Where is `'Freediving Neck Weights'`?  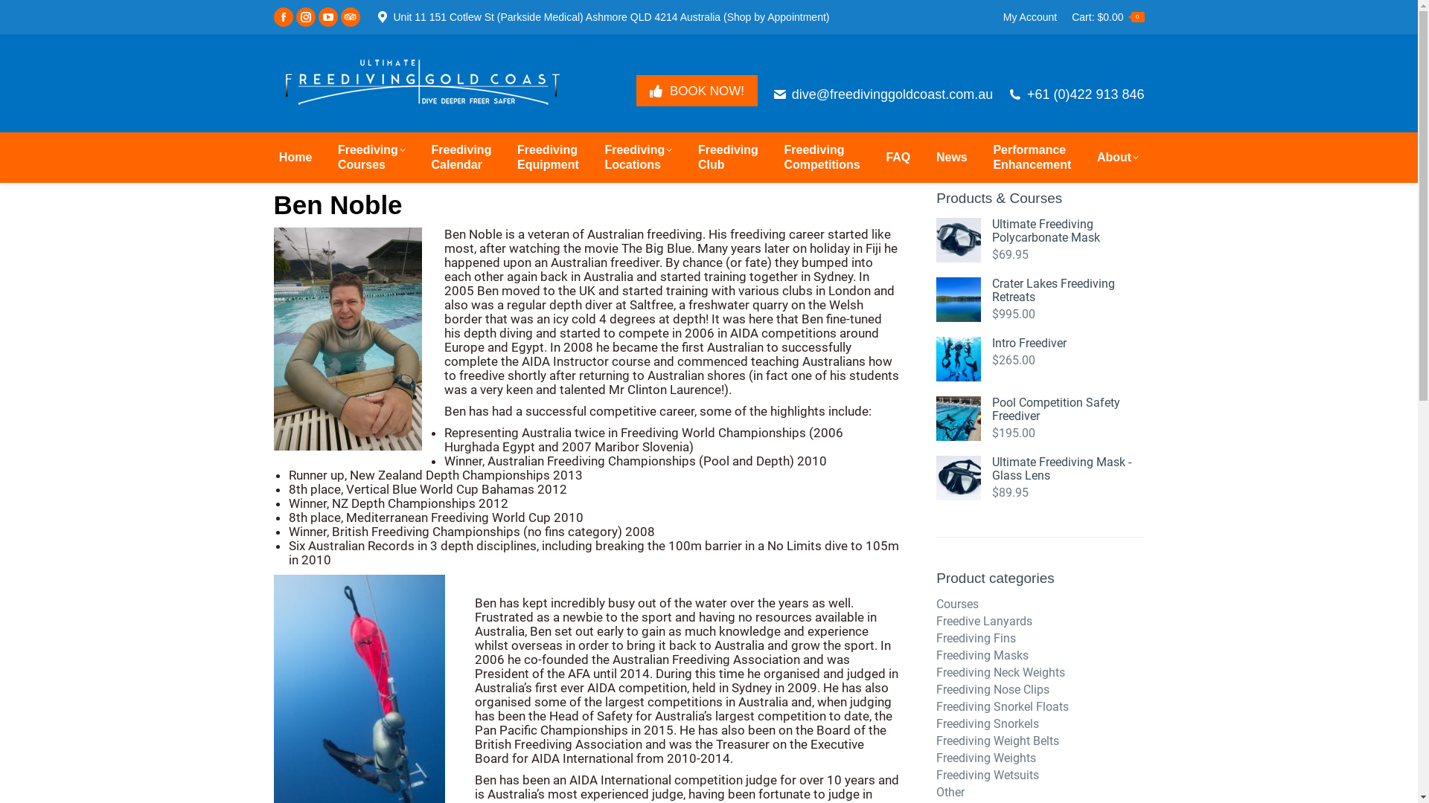 'Freediving Neck Weights' is located at coordinates (1000, 673).